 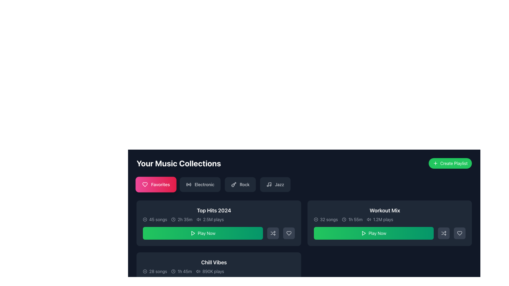 What do you see at coordinates (380, 220) in the screenshot?
I see `the text indicating the play count of the 'Workout Mix' playlist, located in the bottom right section next to the 'Play Now' button` at bounding box center [380, 220].